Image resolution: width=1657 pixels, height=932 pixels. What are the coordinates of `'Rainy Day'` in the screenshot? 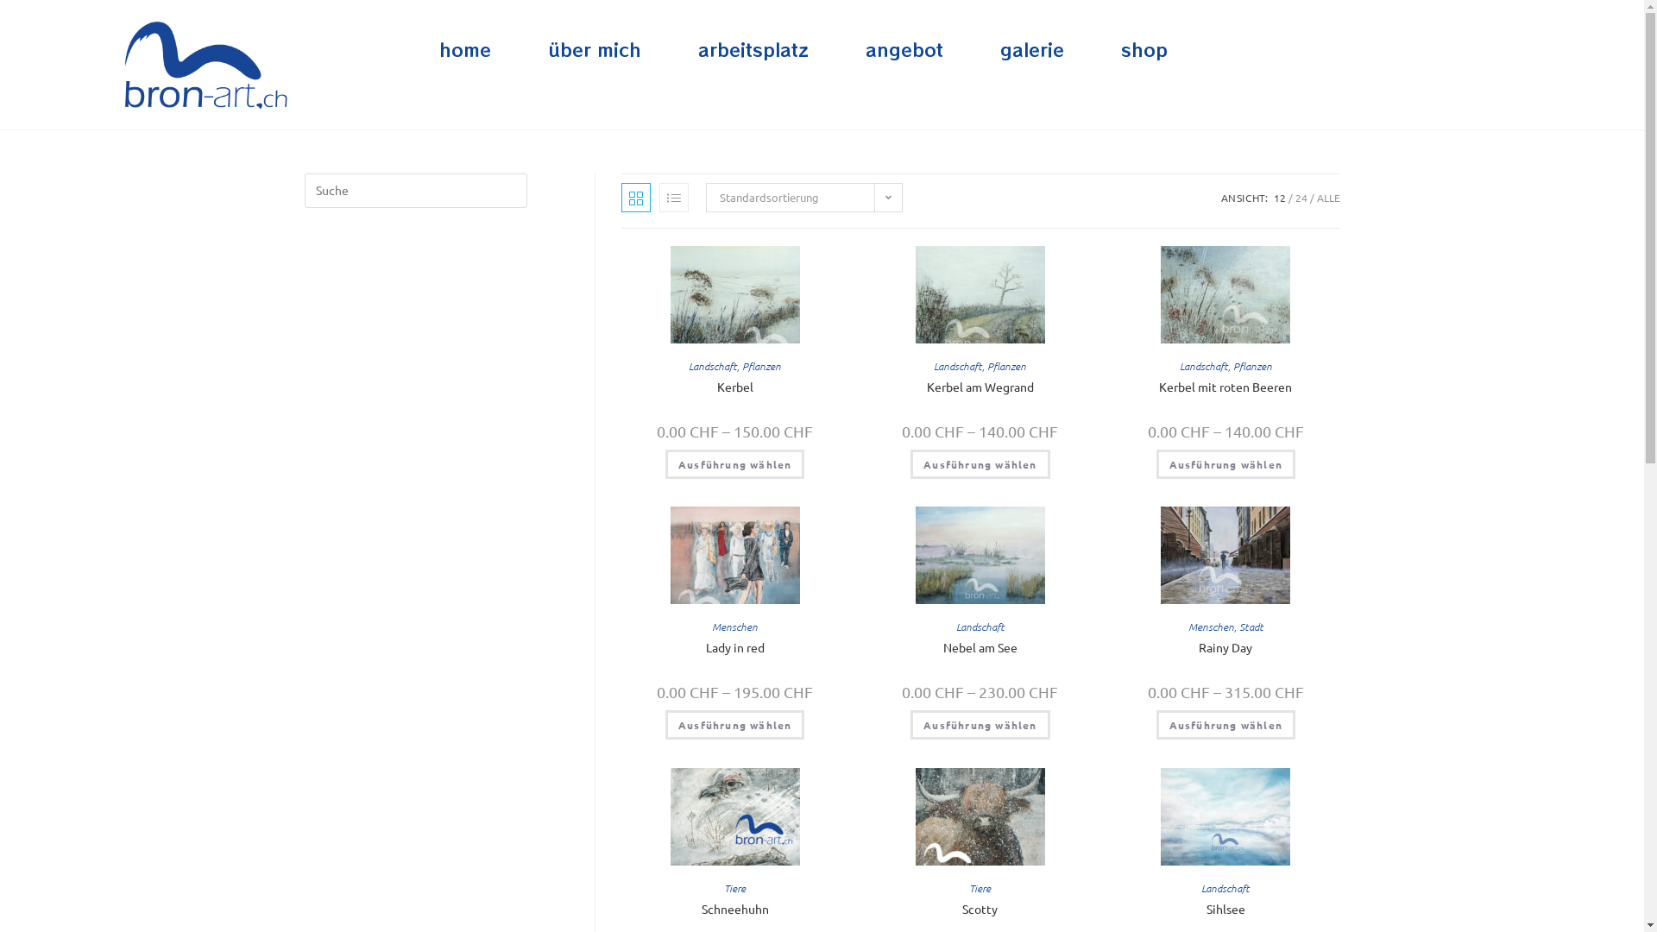 It's located at (1225, 647).